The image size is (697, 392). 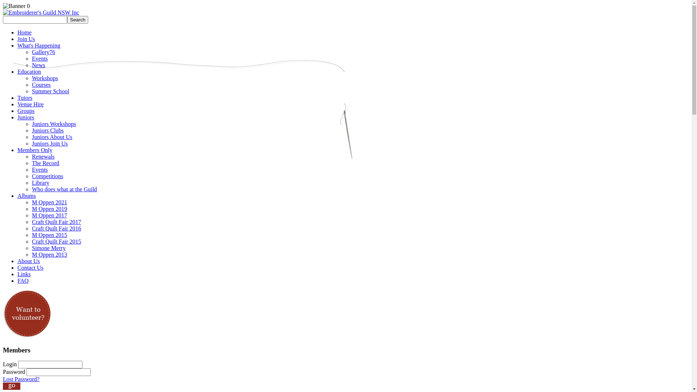 What do you see at coordinates (45, 78) in the screenshot?
I see `'Workshops'` at bounding box center [45, 78].